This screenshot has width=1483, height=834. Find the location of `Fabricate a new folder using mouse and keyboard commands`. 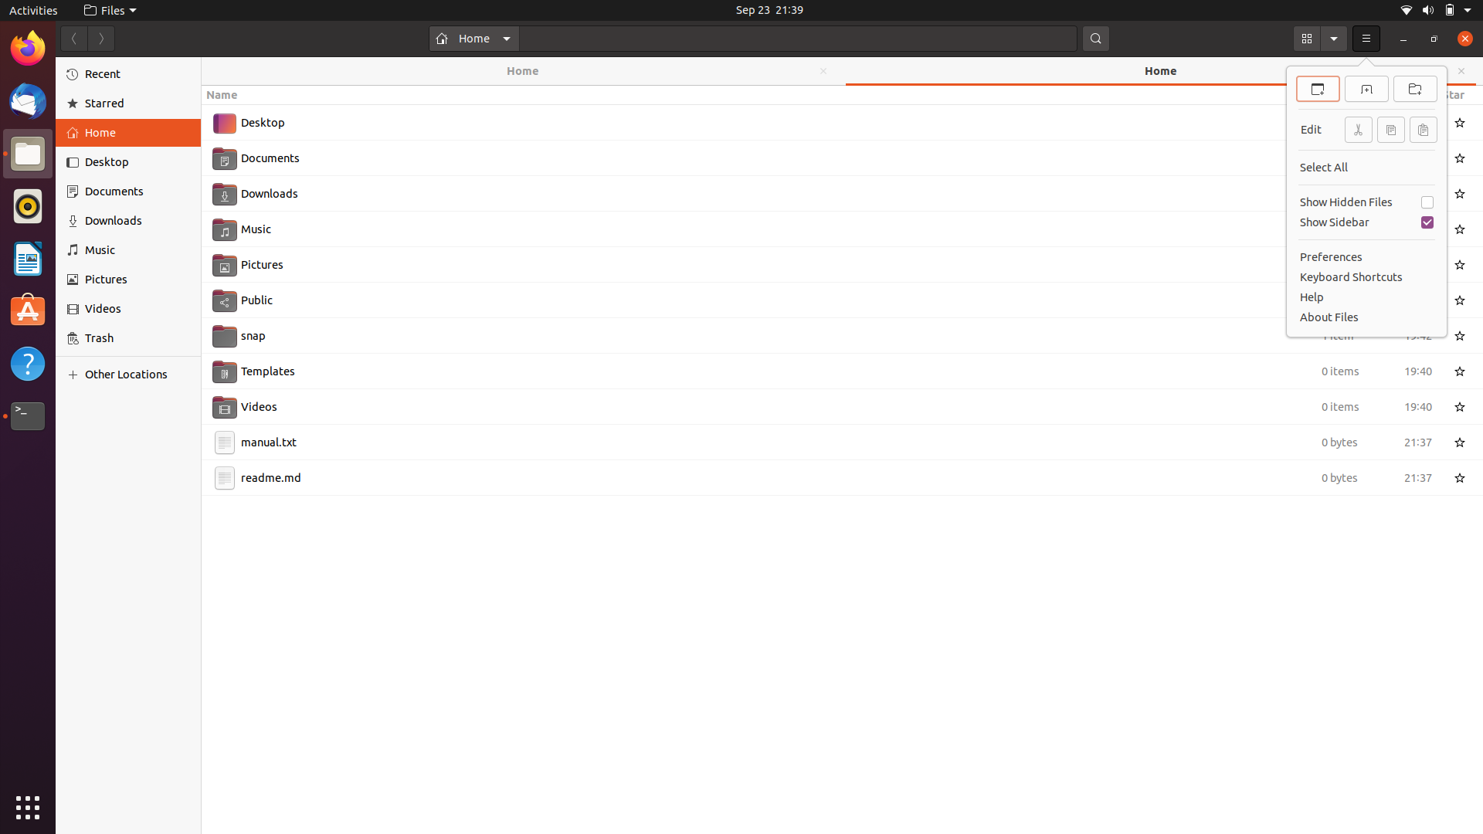

Fabricate a new folder using mouse and keyboard commands is located at coordinates (1416, 87).